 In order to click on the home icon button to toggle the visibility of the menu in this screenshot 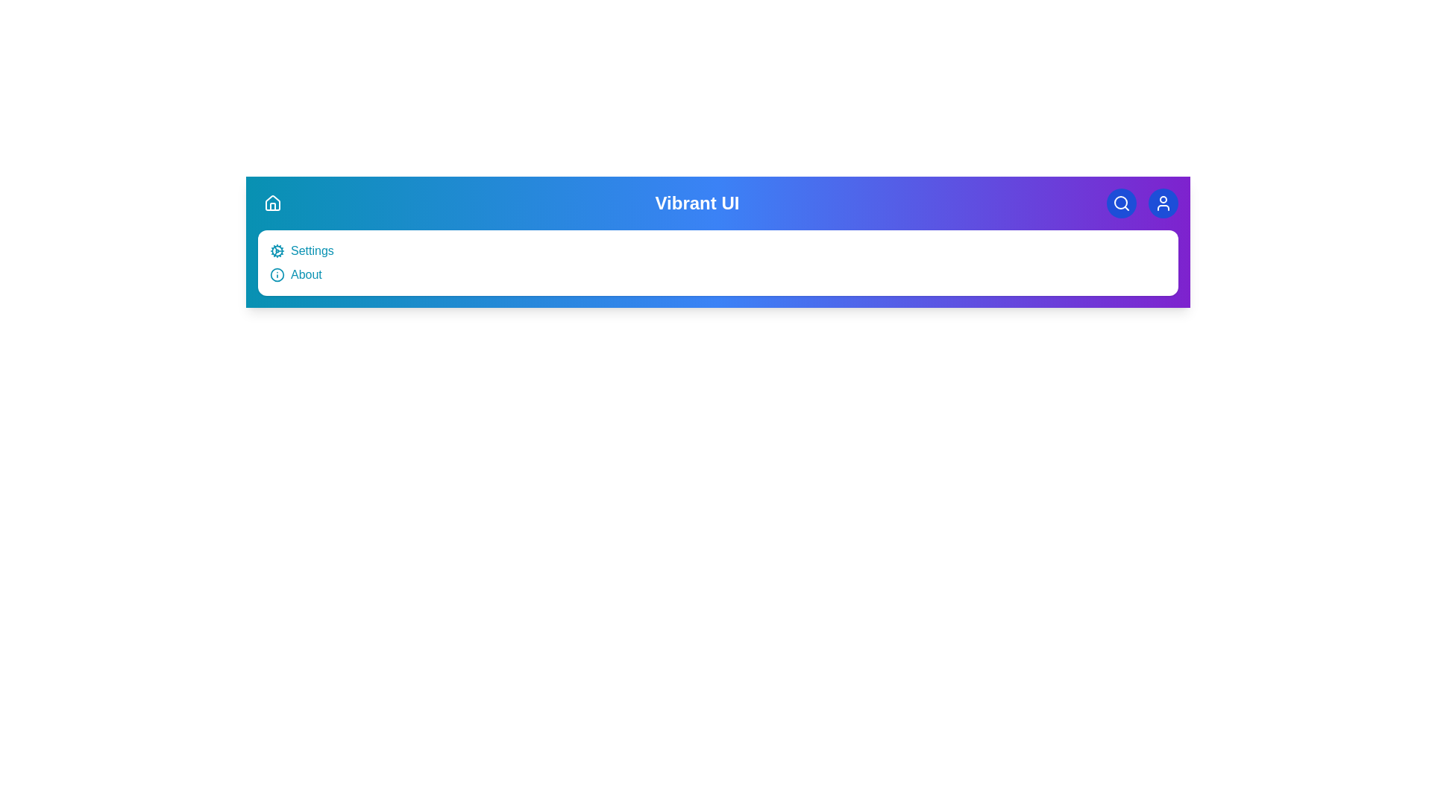, I will do `click(272, 203)`.